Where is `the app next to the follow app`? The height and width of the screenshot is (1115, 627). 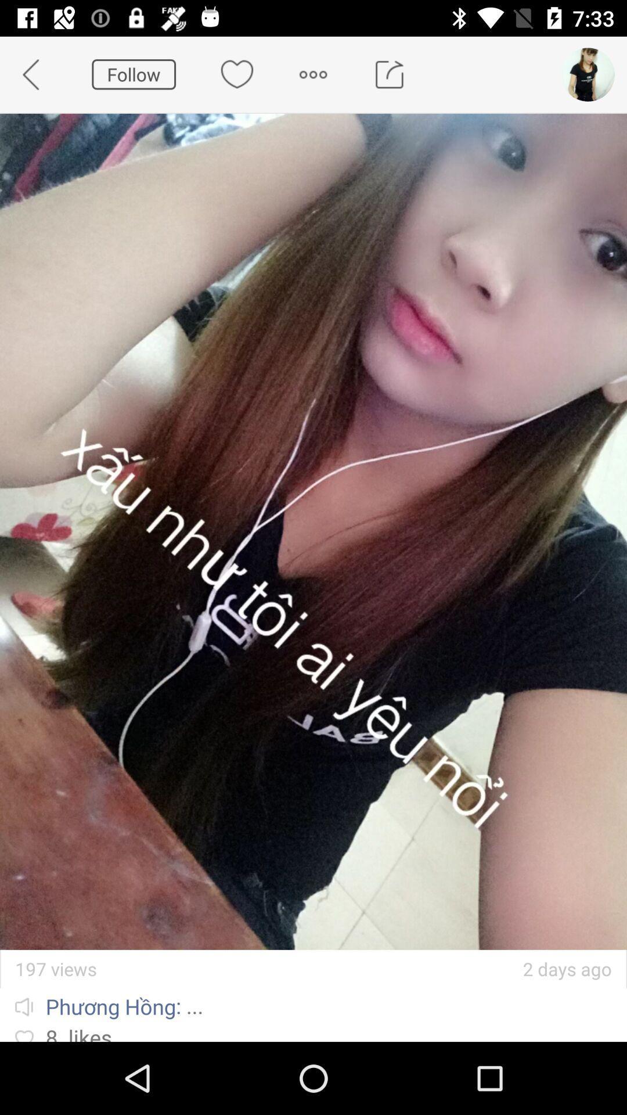 the app next to the follow app is located at coordinates (37, 74).